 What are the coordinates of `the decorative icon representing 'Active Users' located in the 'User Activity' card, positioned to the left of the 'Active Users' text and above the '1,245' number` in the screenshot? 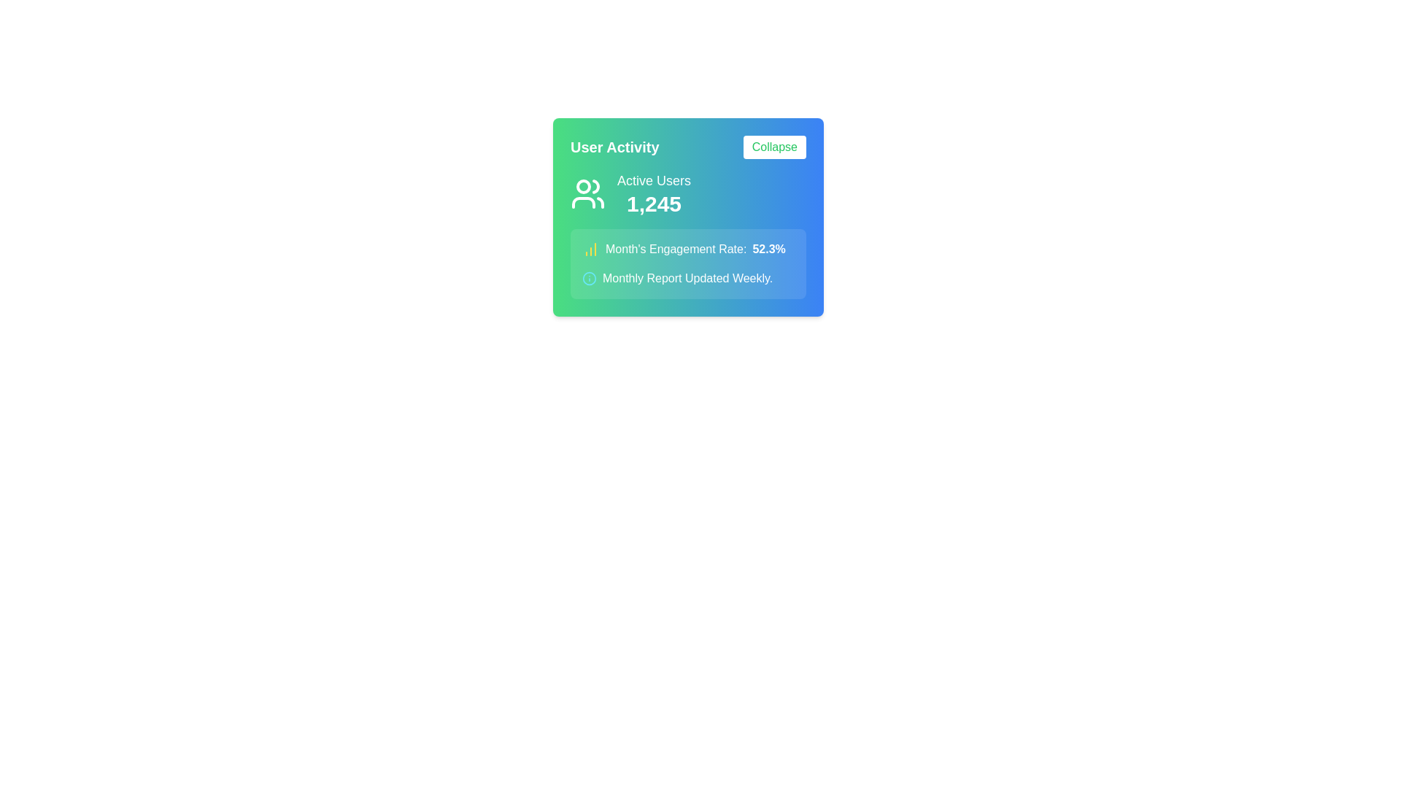 It's located at (588, 193).